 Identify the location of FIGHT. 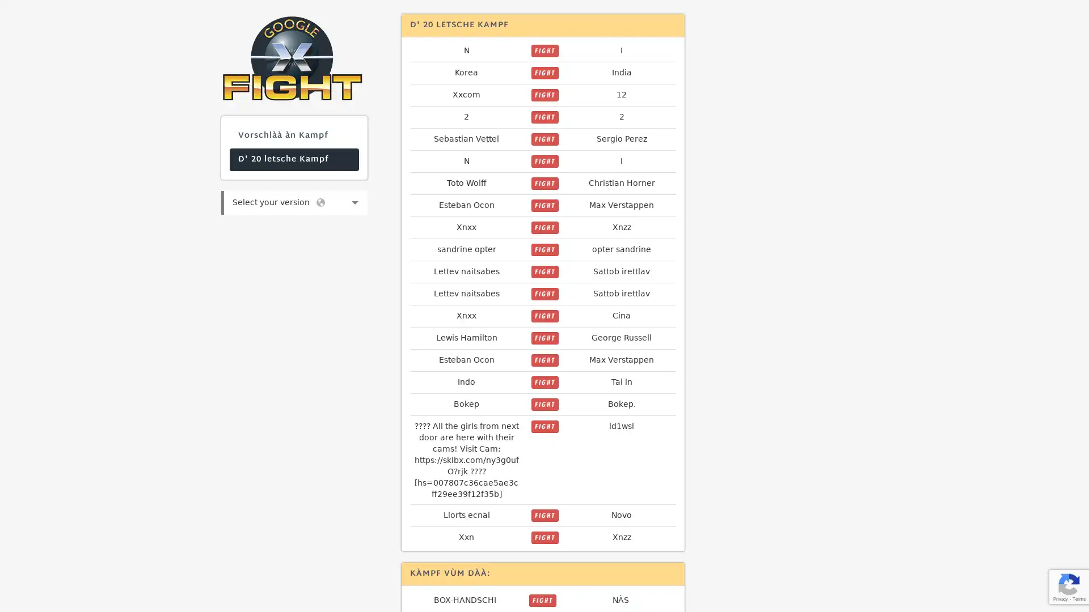
(544, 161).